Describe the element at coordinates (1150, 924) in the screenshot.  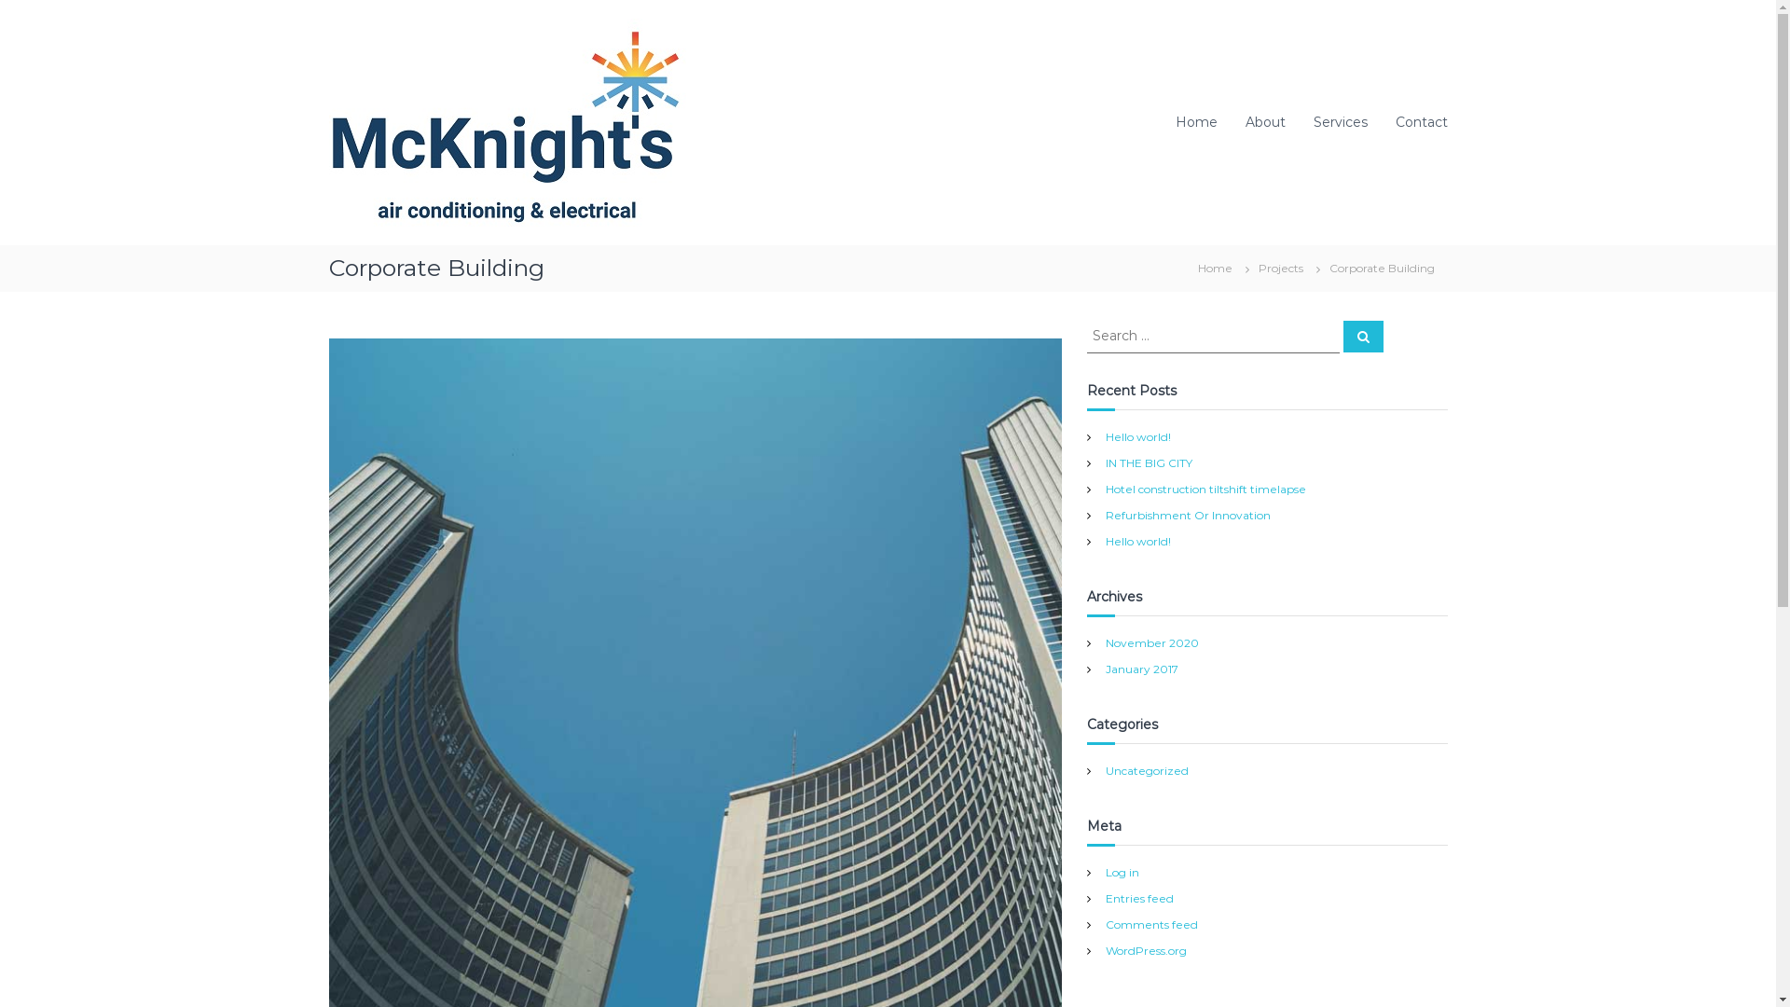
I see `'Comments feed'` at that location.